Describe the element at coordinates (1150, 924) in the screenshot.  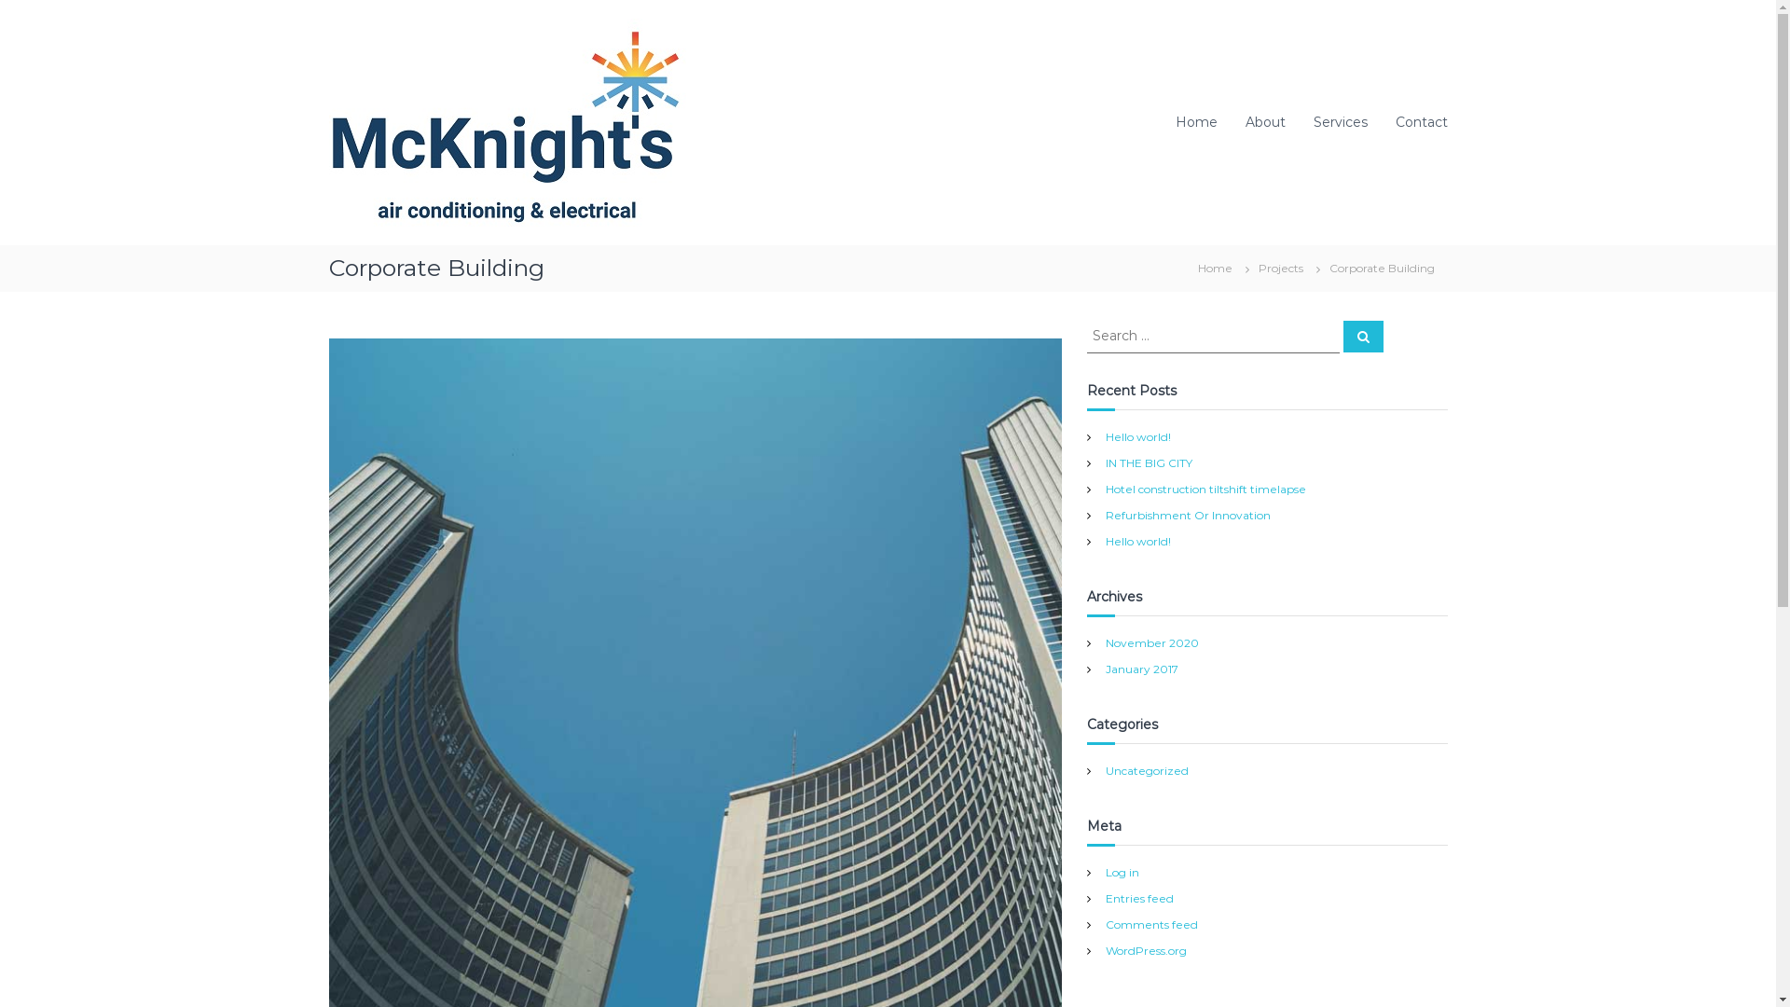
I see `'Comments feed'` at that location.